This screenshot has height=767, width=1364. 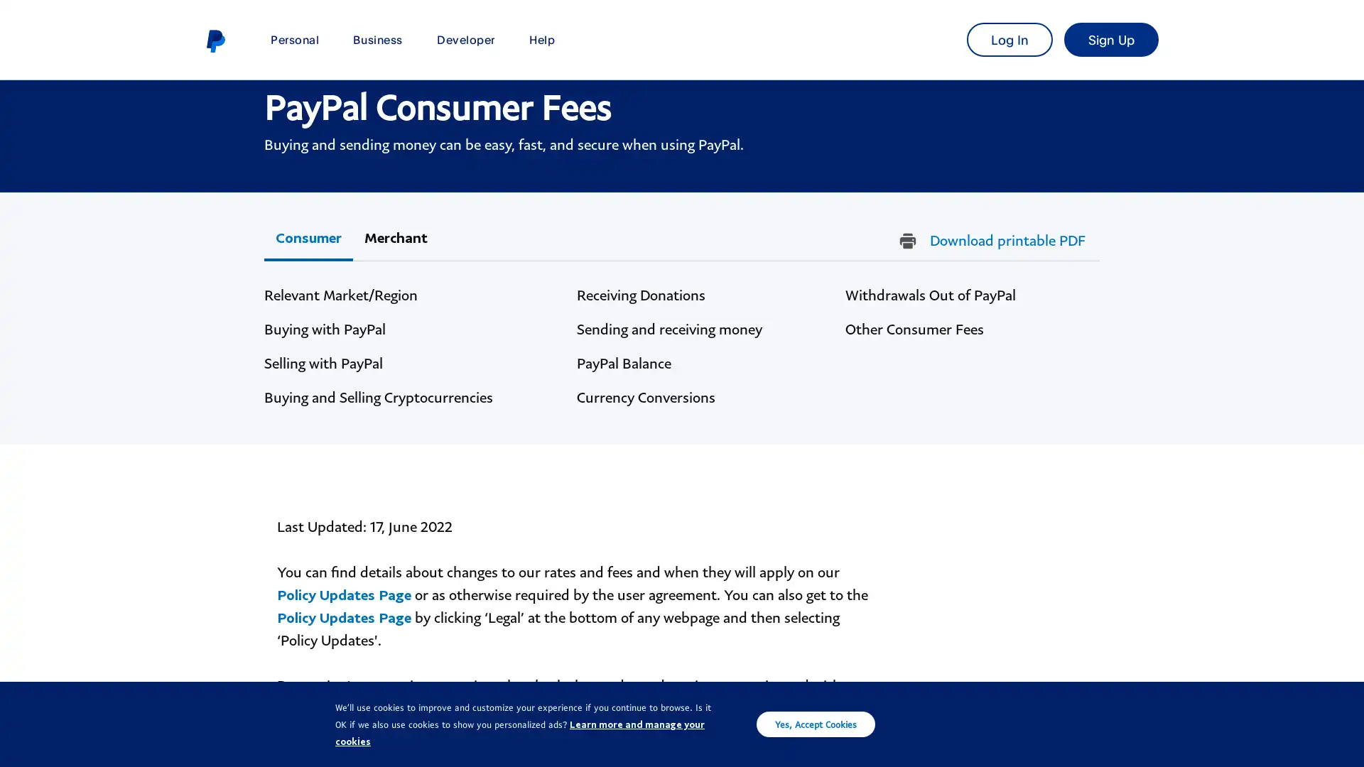 I want to click on Sign Up, so click(x=1110, y=39).